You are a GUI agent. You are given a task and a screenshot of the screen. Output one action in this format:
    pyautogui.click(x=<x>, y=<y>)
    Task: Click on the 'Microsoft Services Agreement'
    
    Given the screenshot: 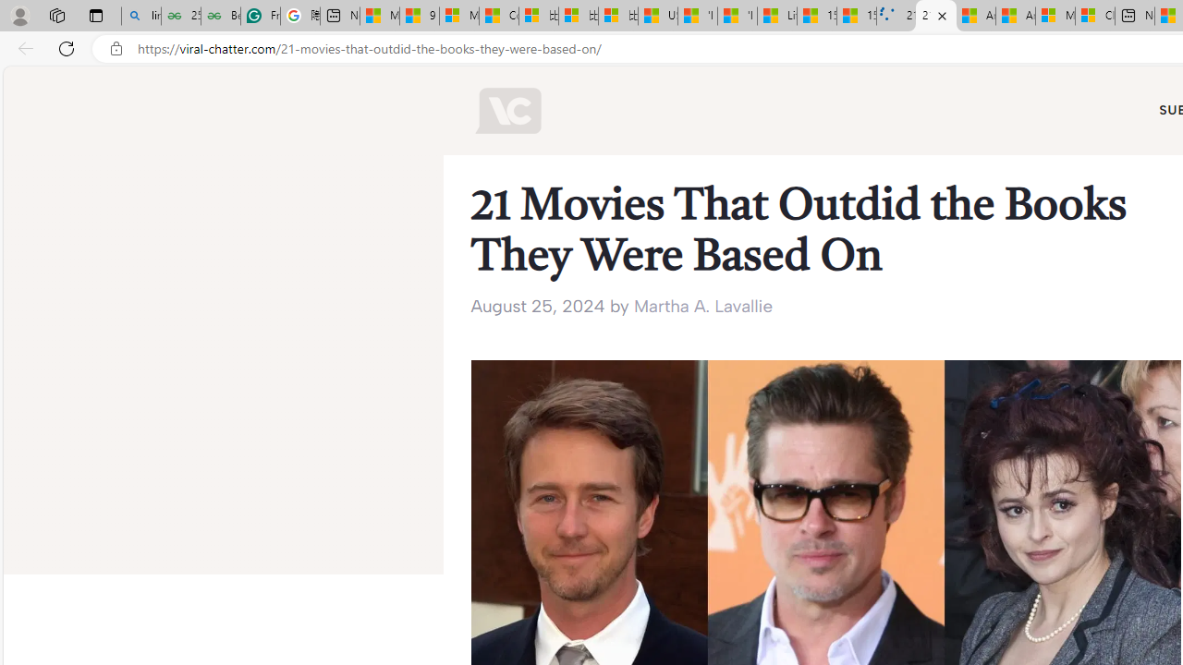 What is the action you would take?
    pyautogui.click(x=1055, y=16)
    